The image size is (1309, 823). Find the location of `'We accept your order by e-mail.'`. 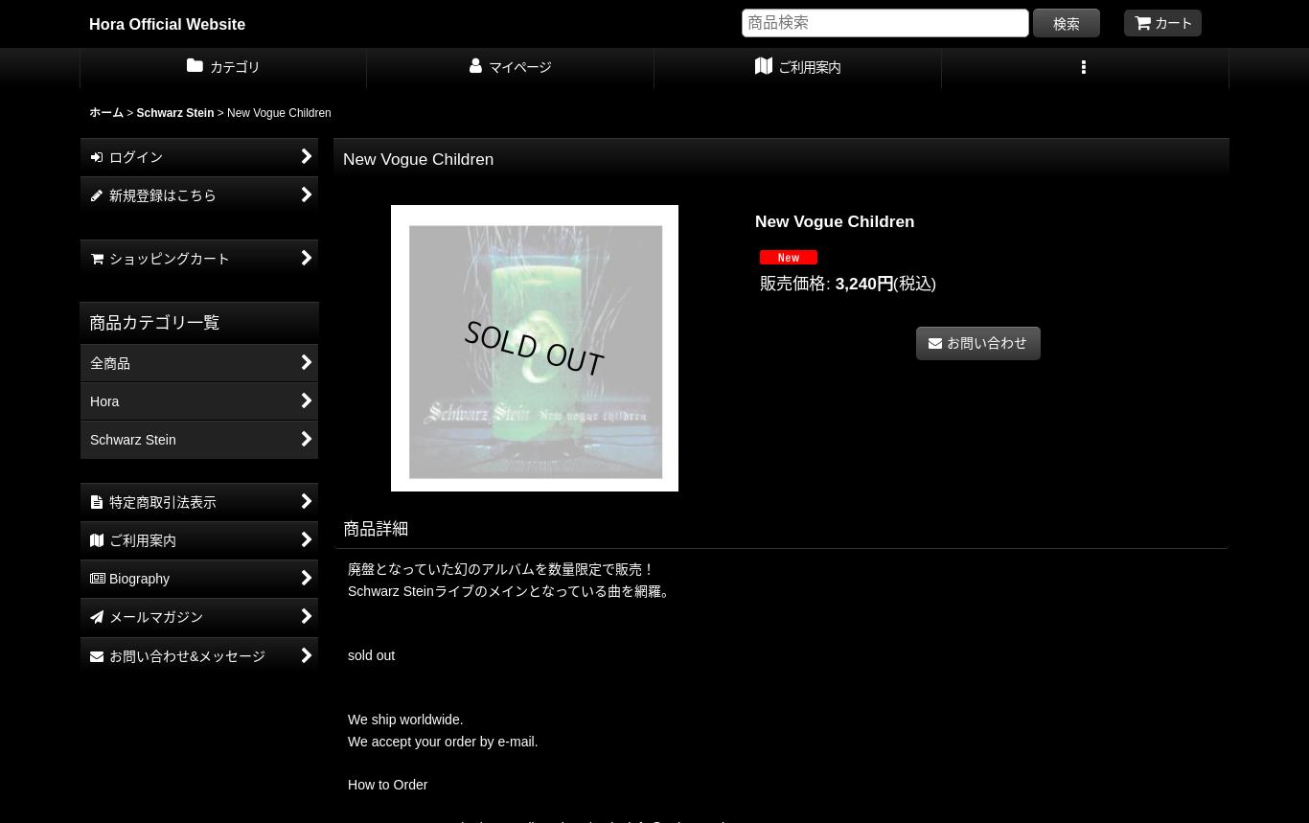

'We accept your order by e-mail.' is located at coordinates (346, 741).